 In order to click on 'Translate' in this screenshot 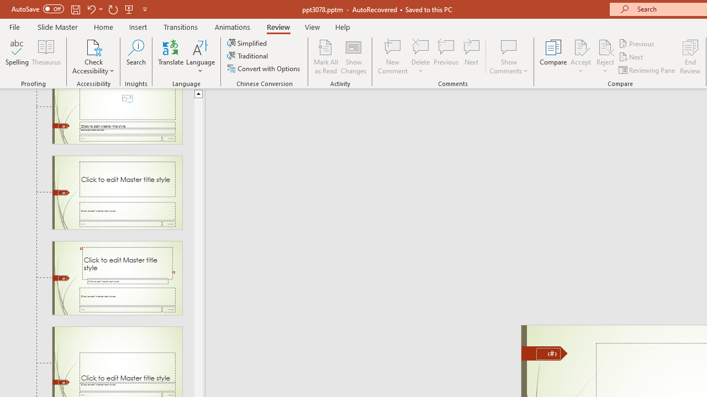, I will do `click(170, 57)`.